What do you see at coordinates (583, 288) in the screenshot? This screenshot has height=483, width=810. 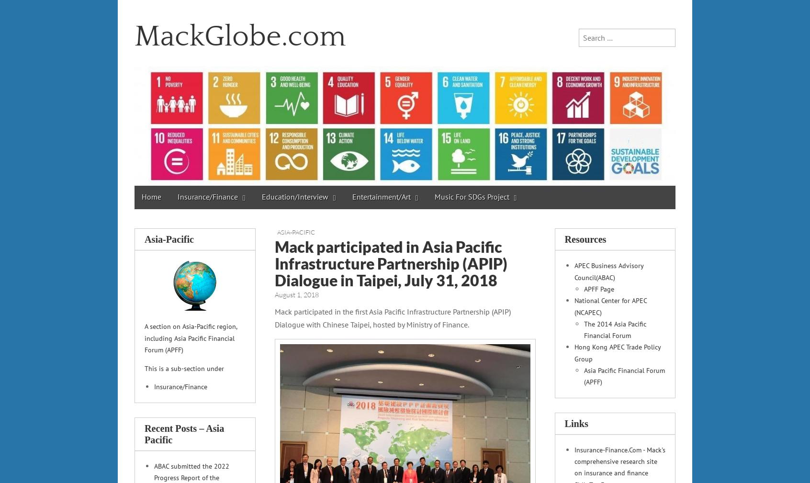 I see `'APFF Page'` at bounding box center [583, 288].